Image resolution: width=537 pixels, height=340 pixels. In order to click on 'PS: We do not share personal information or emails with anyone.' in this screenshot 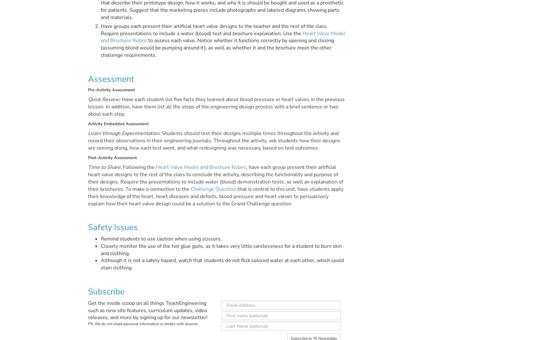, I will do `click(143, 324)`.